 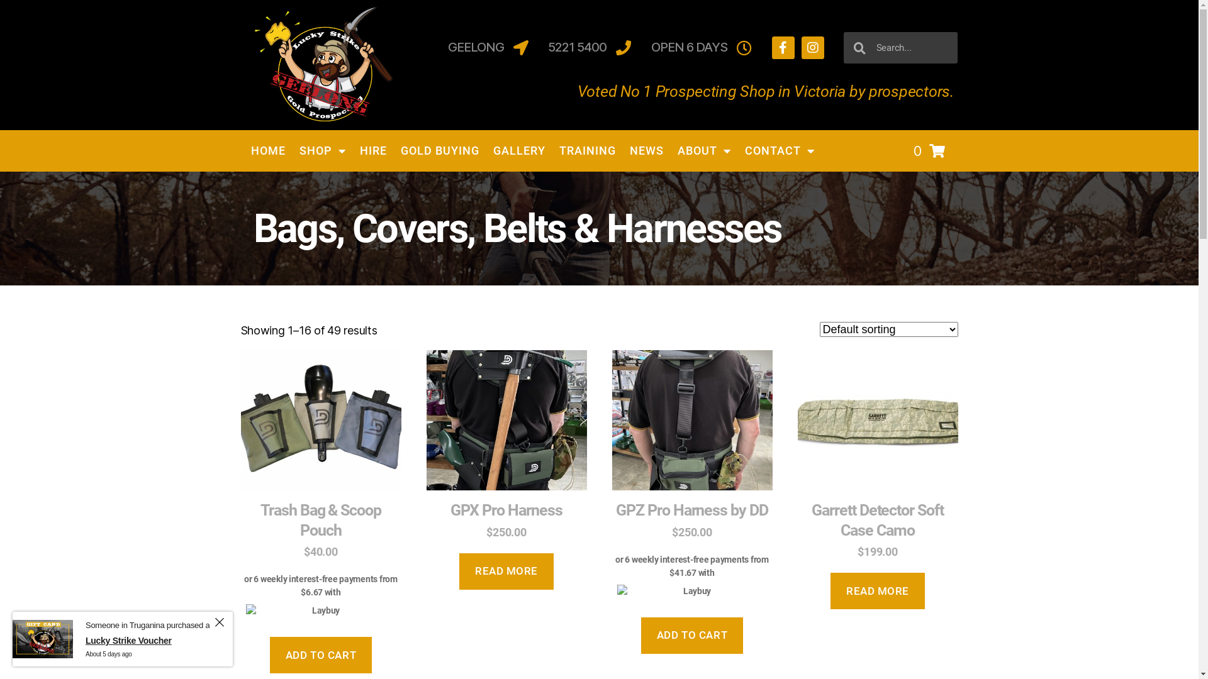 What do you see at coordinates (506, 571) in the screenshot?
I see `'READ MORE'` at bounding box center [506, 571].